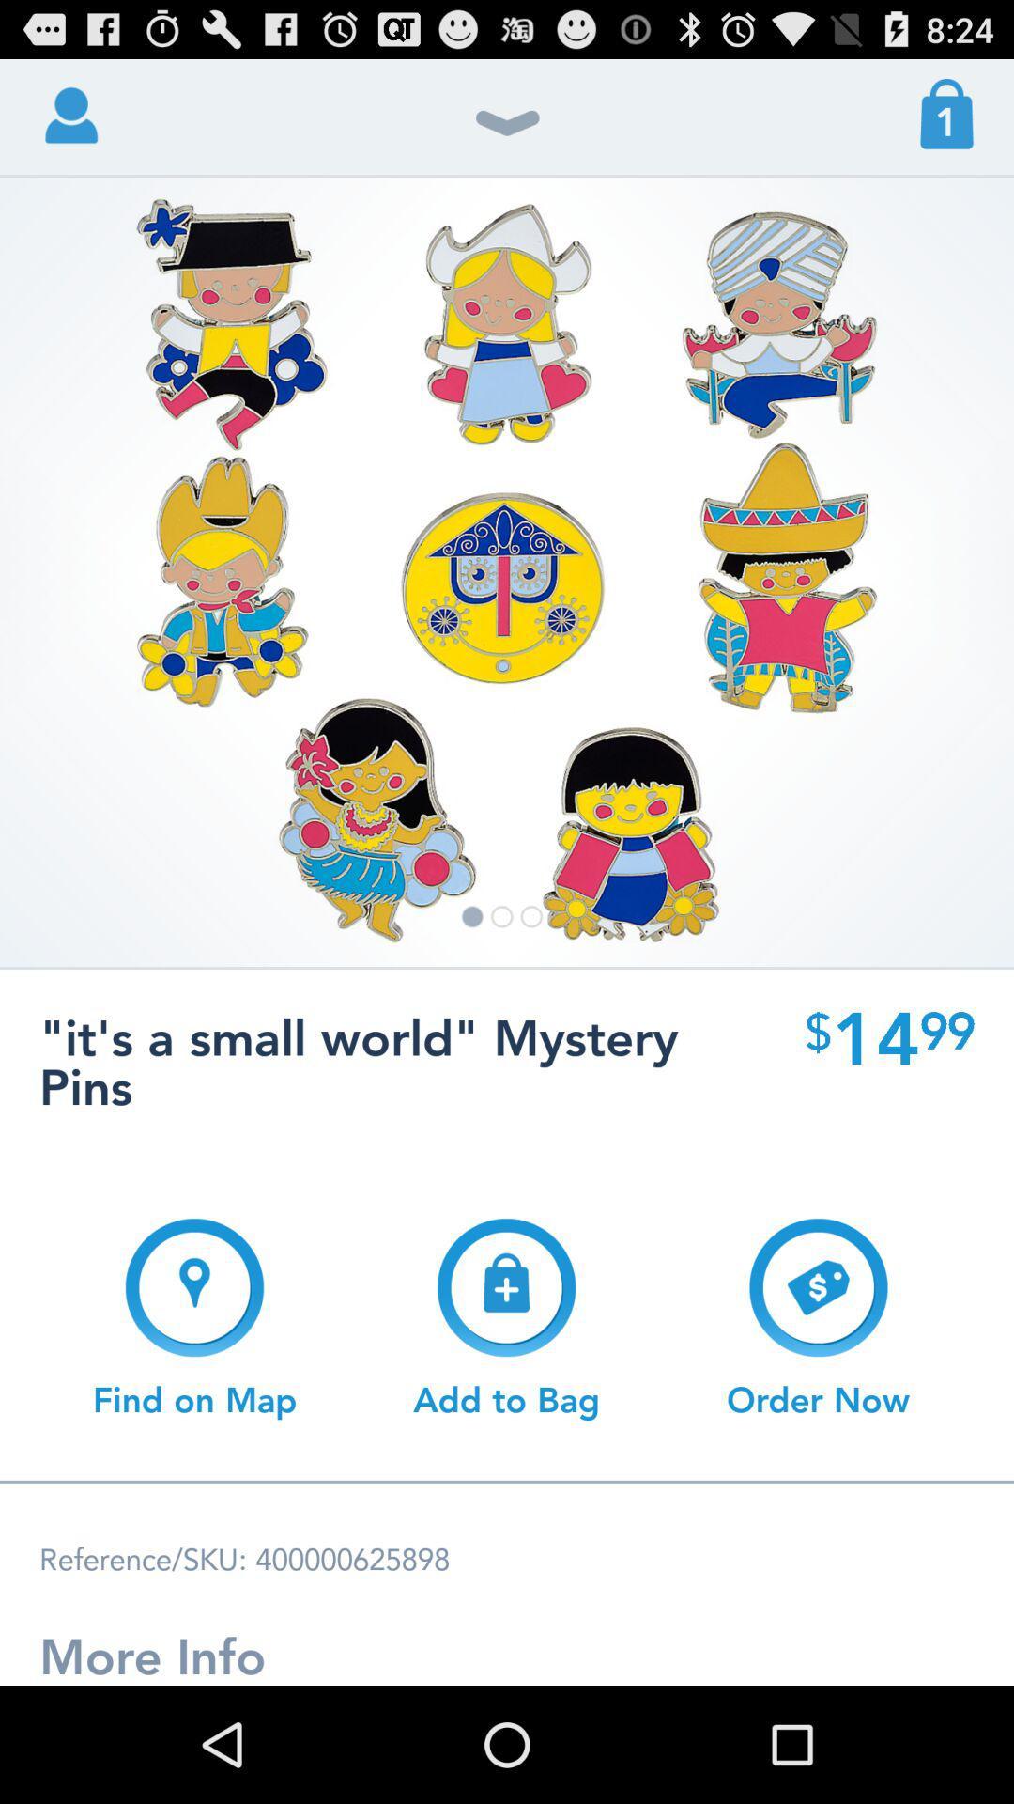 The image size is (1014, 1804). I want to click on icon next to 1 item, so click(507, 132).